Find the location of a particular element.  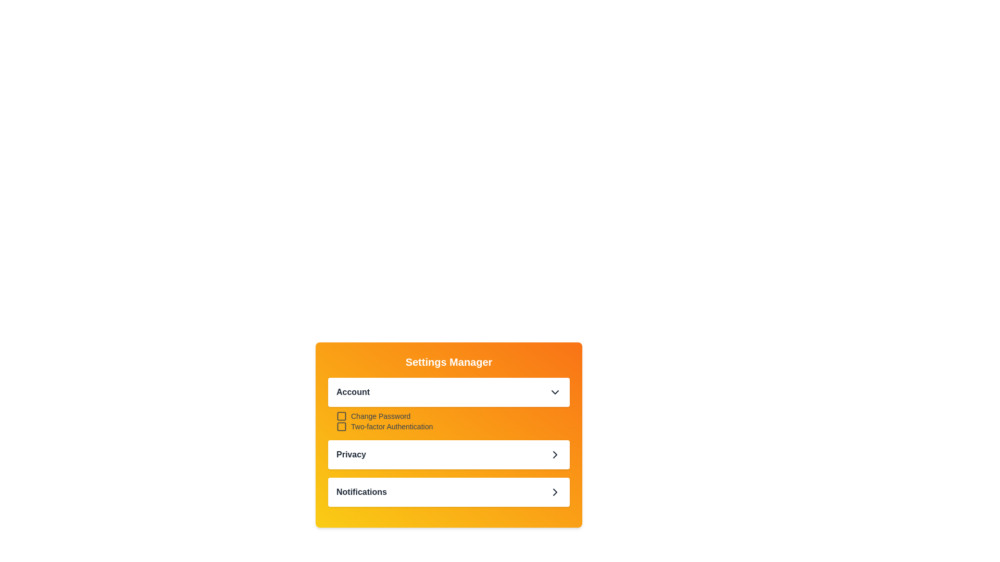

the navigation button for 'Notifications' settings located in the settings panel, positioned as the third item below 'Privacy' is located at coordinates (449, 492).